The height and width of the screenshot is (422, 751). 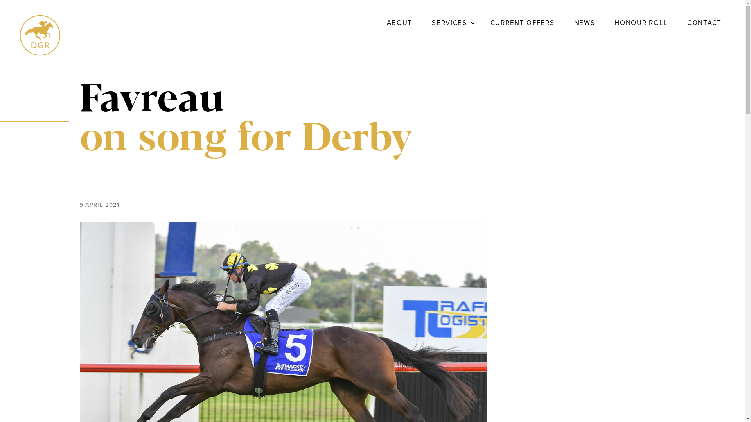 I want to click on 'HONOUR ROLL', so click(x=610, y=22).